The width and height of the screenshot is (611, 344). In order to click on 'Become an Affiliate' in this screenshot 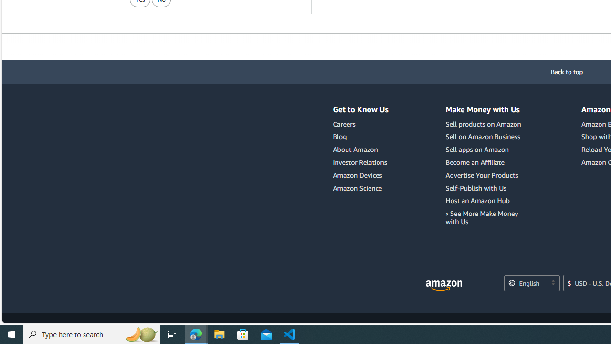, I will do `click(485, 162)`.